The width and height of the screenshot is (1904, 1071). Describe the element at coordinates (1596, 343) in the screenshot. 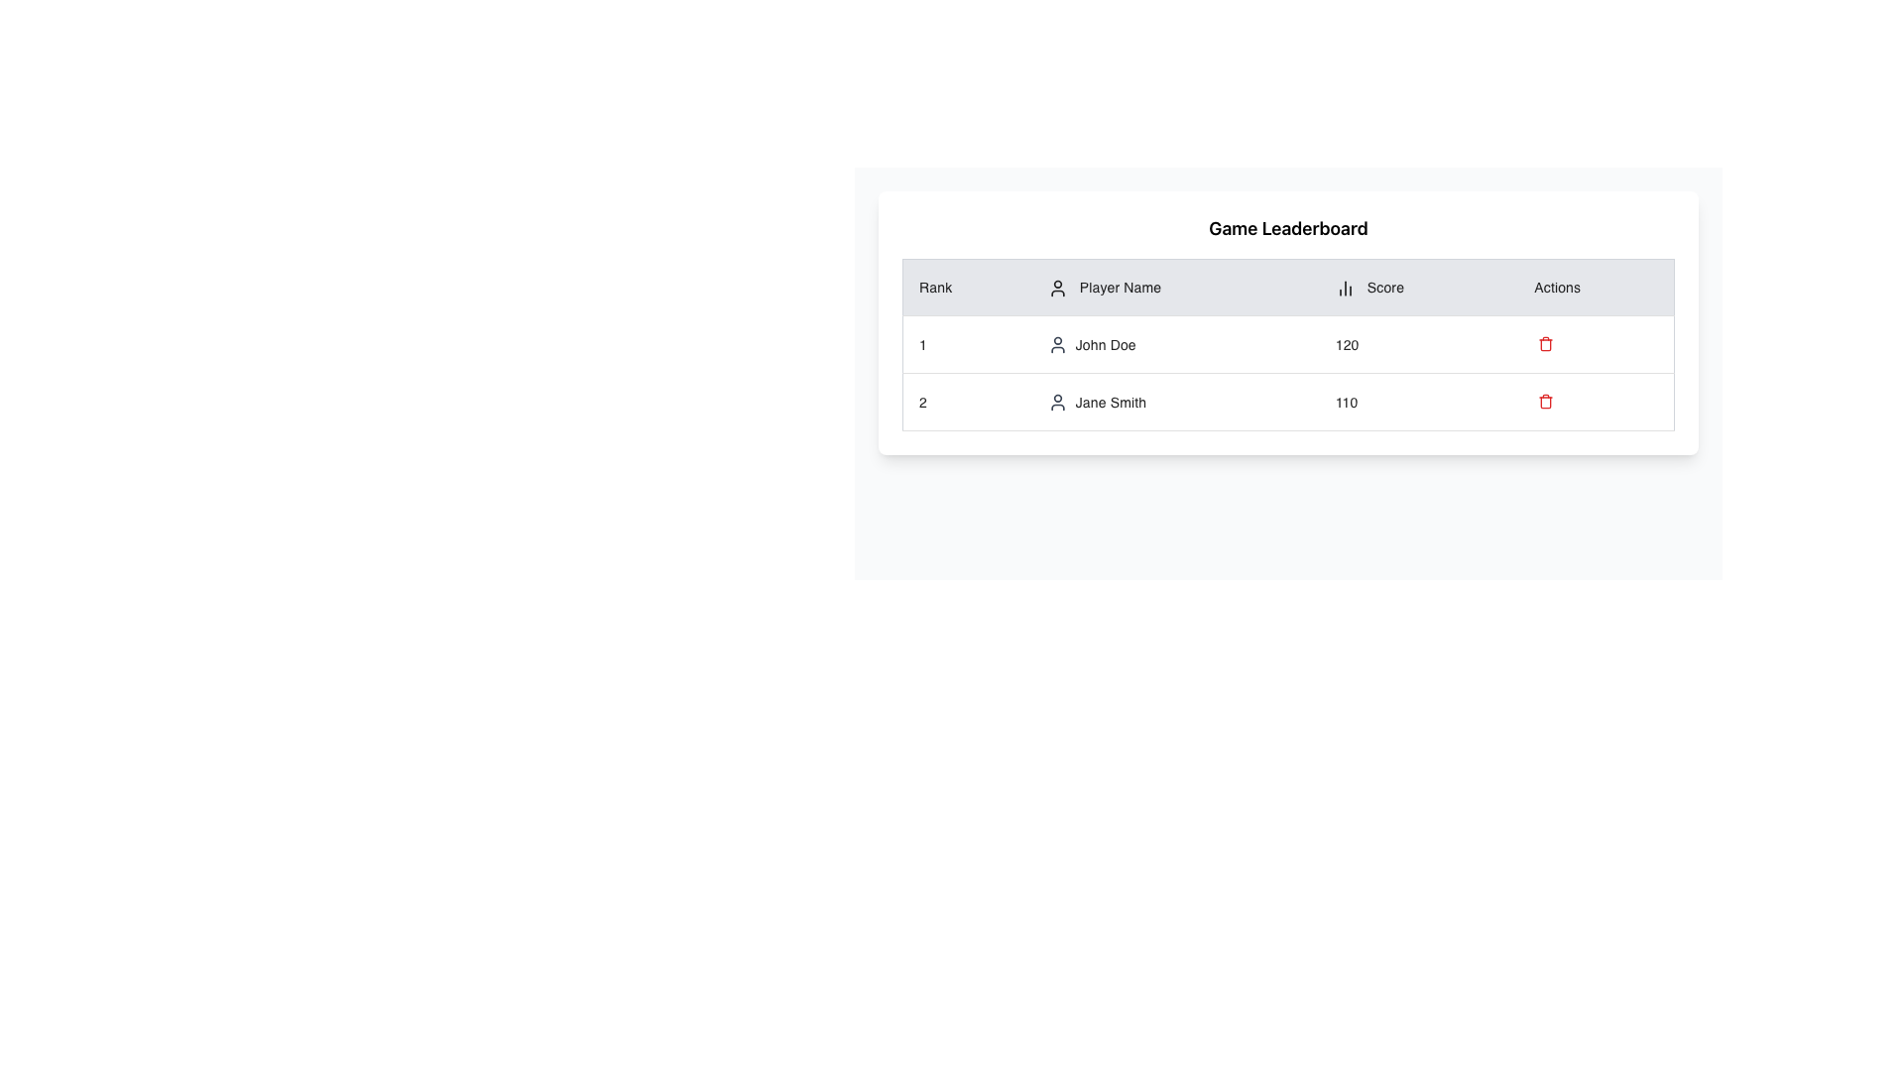

I see `the last cell` at that location.